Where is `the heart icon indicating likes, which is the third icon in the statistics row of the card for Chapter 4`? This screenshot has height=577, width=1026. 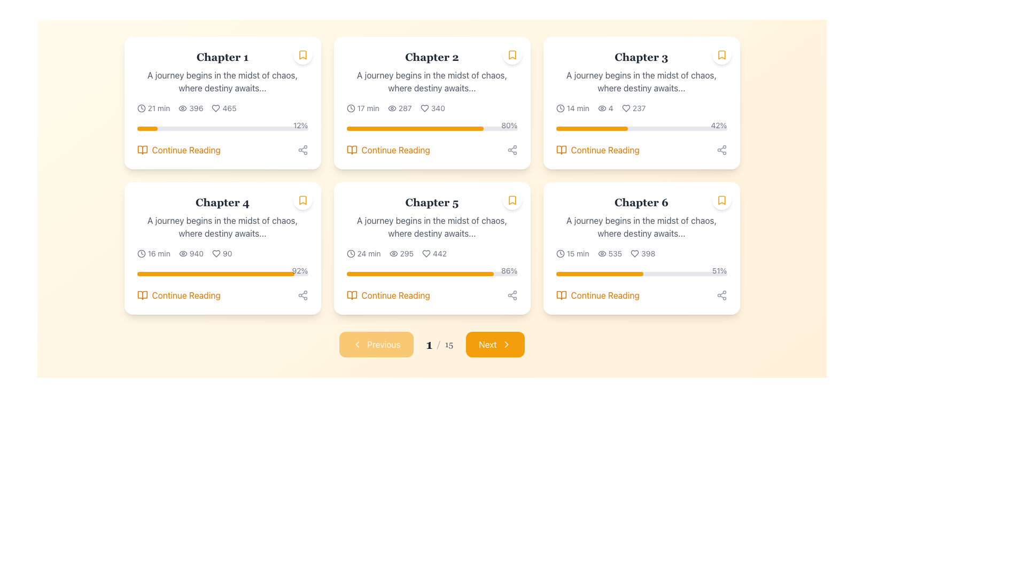
the heart icon indicating likes, which is the third icon in the statistics row of the card for Chapter 4 is located at coordinates (216, 253).